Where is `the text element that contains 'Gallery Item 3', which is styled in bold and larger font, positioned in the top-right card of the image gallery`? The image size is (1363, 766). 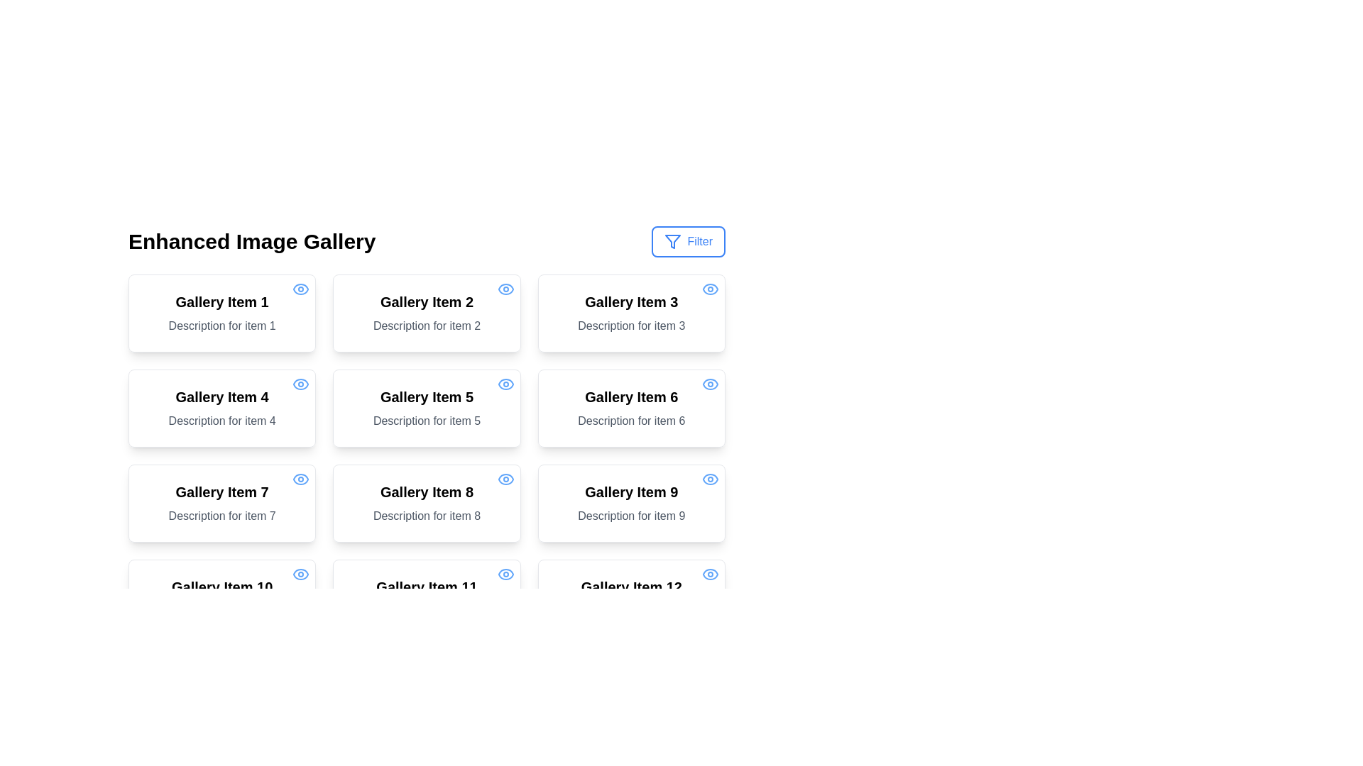 the text element that contains 'Gallery Item 3', which is styled in bold and larger font, positioned in the top-right card of the image gallery is located at coordinates (630, 301).